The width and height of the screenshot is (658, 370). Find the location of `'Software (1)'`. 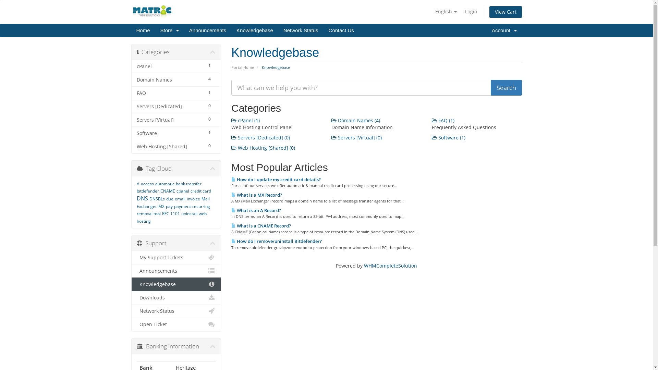

'Software (1)' is located at coordinates (449, 137).